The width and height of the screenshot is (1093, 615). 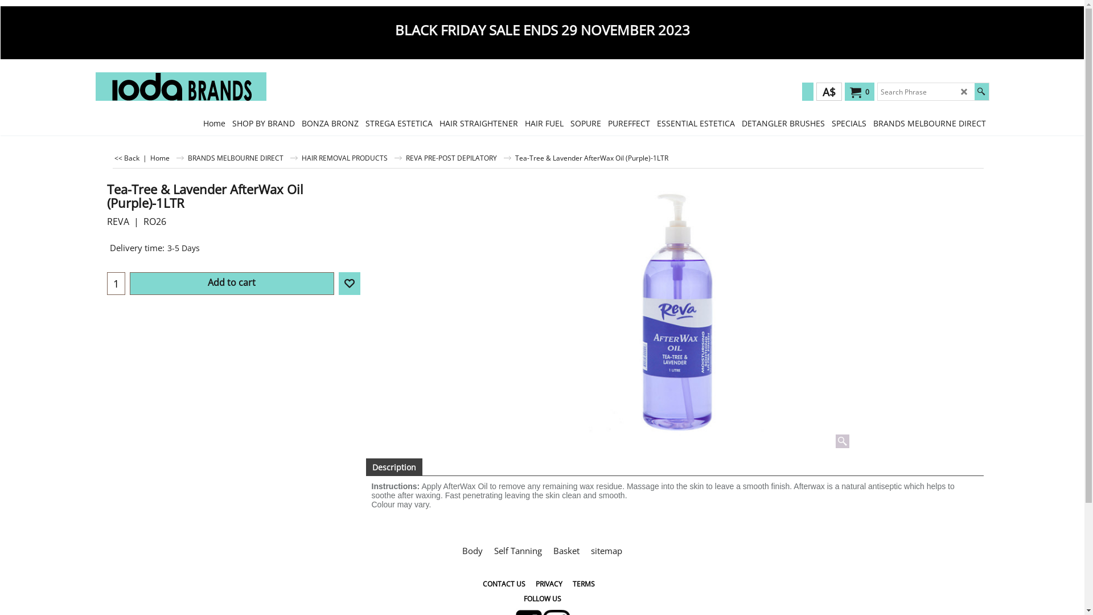 I want to click on 'BRANDS MELBOURNE DIRECT', so click(x=242, y=158).